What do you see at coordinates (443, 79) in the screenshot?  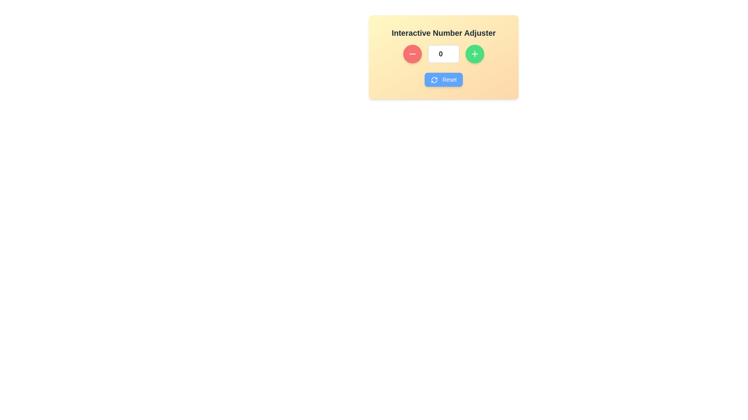 I see `the reset button located below the numerical display` at bounding box center [443, 79].